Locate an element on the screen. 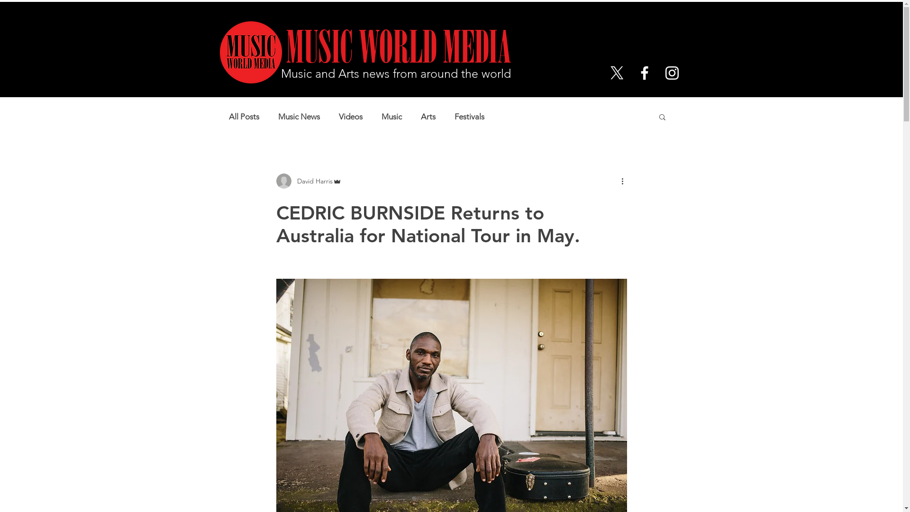 The height and width of the screenshot is (512, 910). 'All Posts' is located at coordinates (243, 116).